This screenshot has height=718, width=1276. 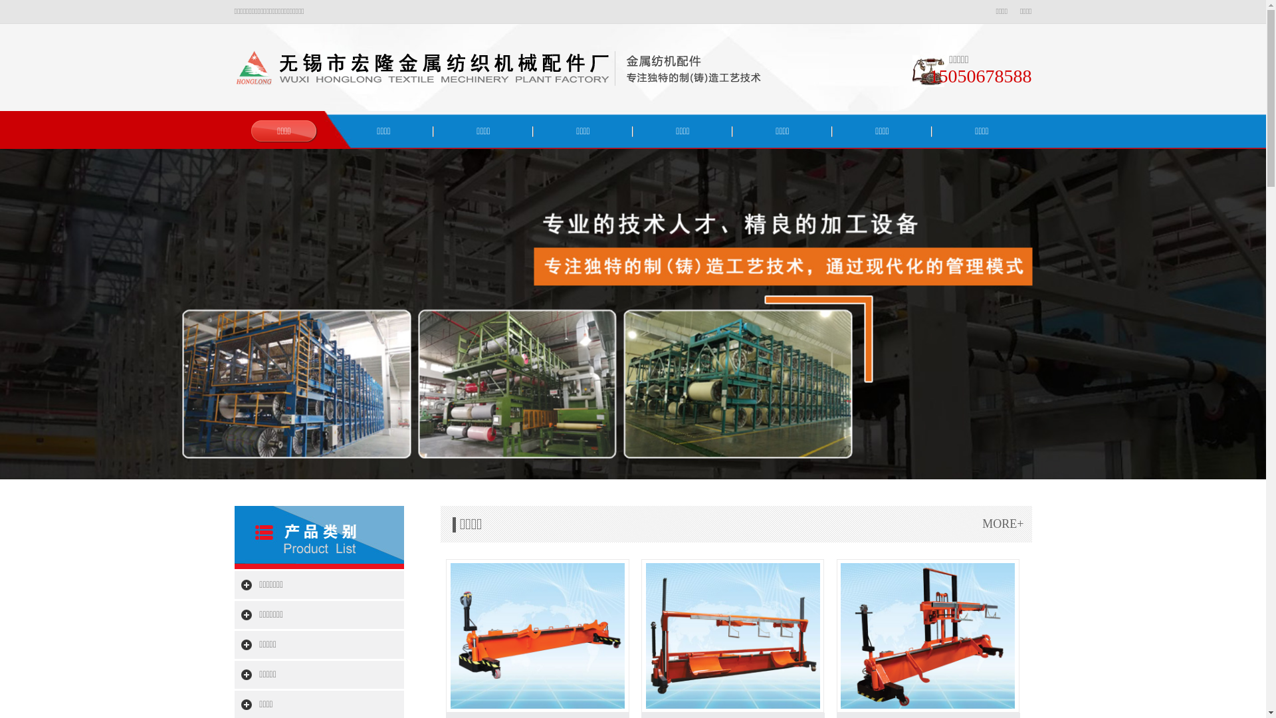 I want to click on 'MORE+', so click(x=1002, y=523).